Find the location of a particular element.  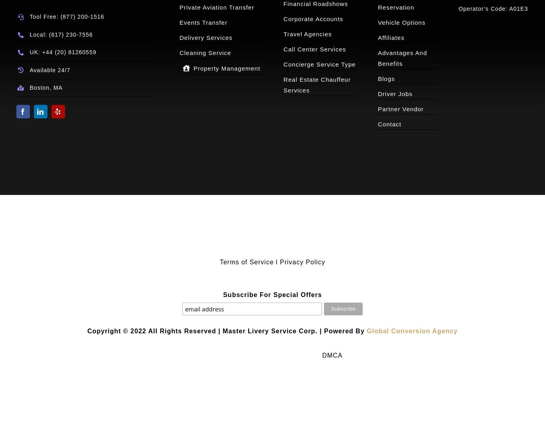

'Corporate Accounts' is located at coordinates (313, 19).